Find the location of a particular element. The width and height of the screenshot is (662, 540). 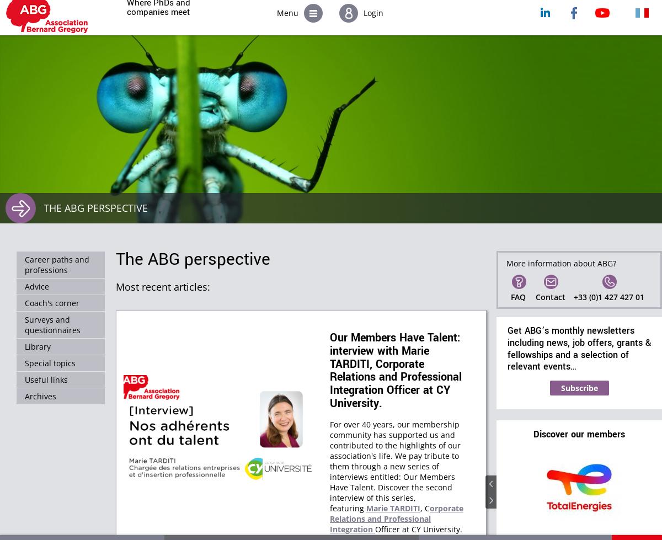

'Get ABG’s monthly newsletters including news, job offers, grants & fellowships and a selection of relevant events…' is located at coordinates (508, 348).